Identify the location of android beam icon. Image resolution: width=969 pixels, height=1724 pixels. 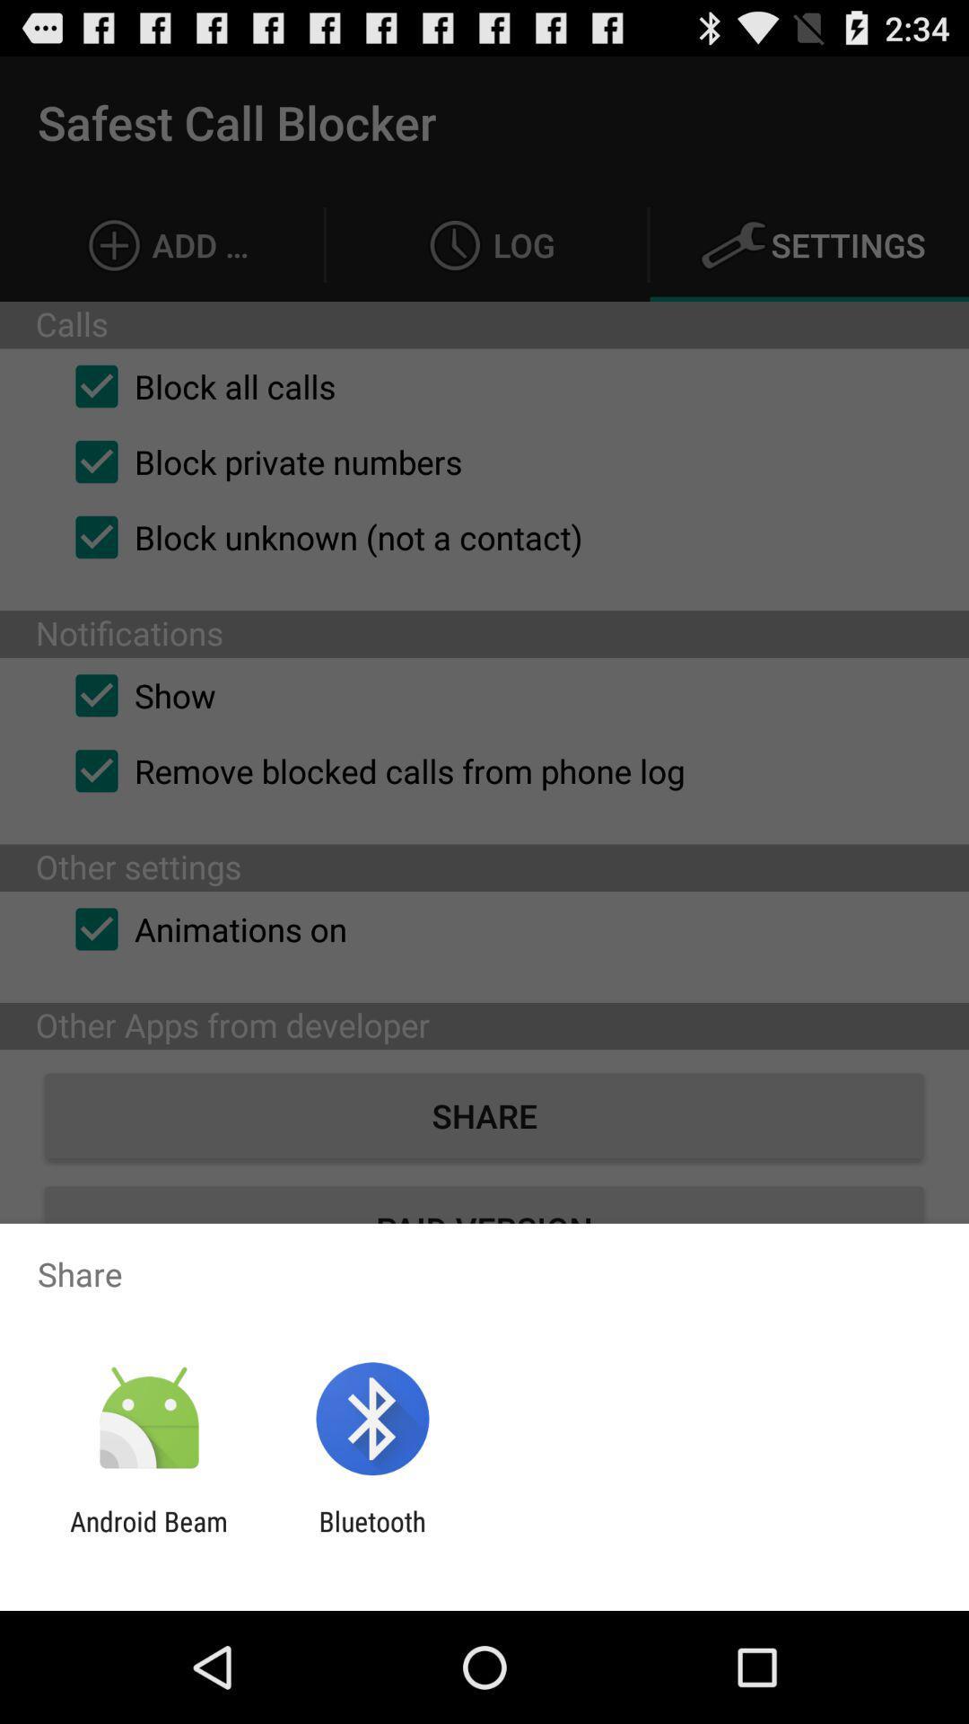
(148, 1536).